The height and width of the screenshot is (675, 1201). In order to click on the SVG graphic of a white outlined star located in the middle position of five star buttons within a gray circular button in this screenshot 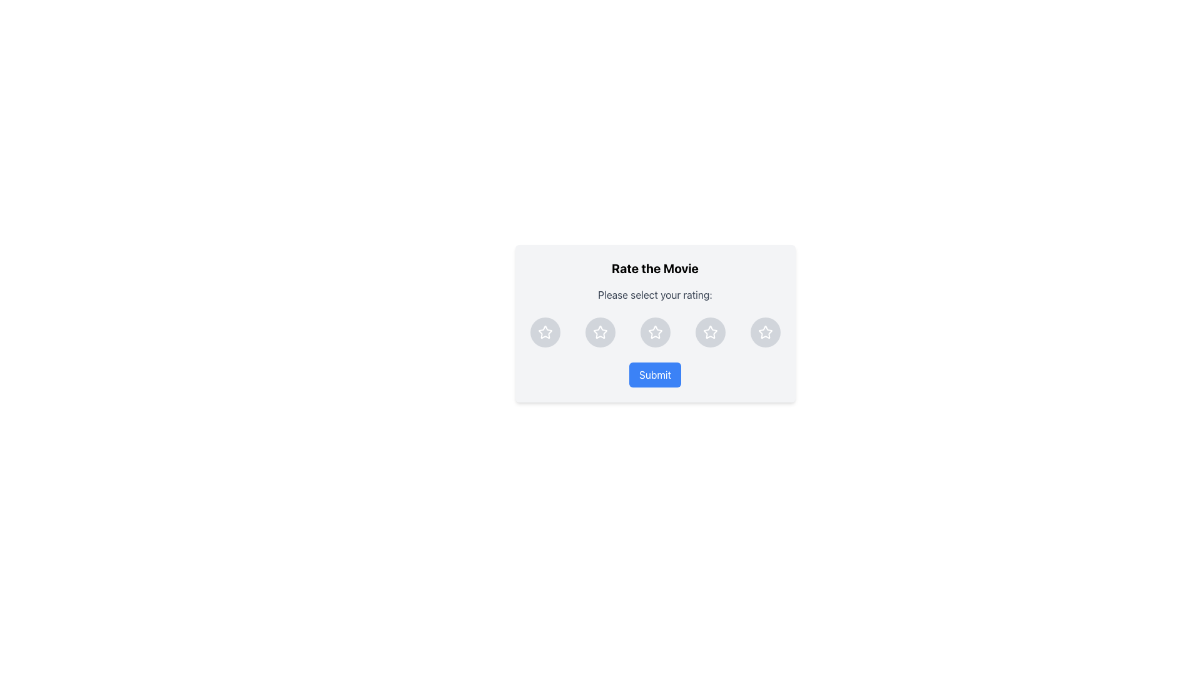, I will do `click(654, 332)`.